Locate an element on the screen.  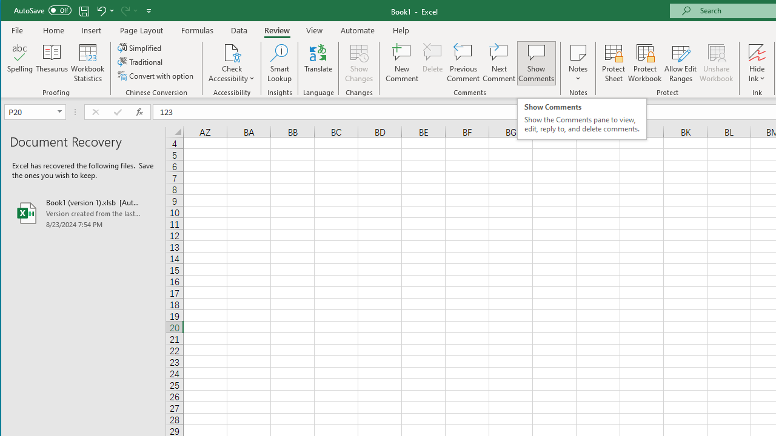
'Unshare Workbook' is located at coordinates (717, 63).